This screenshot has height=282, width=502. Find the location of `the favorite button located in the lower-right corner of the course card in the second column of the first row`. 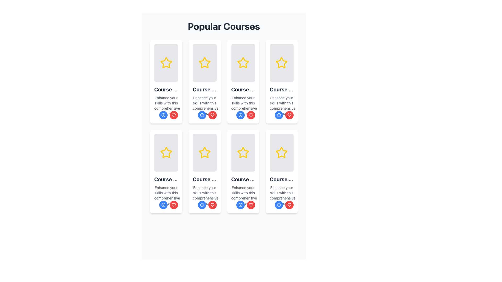

the favorite button located in the lower-right corner of the course card in the second column of the first row is located at coordinates (250, 115).